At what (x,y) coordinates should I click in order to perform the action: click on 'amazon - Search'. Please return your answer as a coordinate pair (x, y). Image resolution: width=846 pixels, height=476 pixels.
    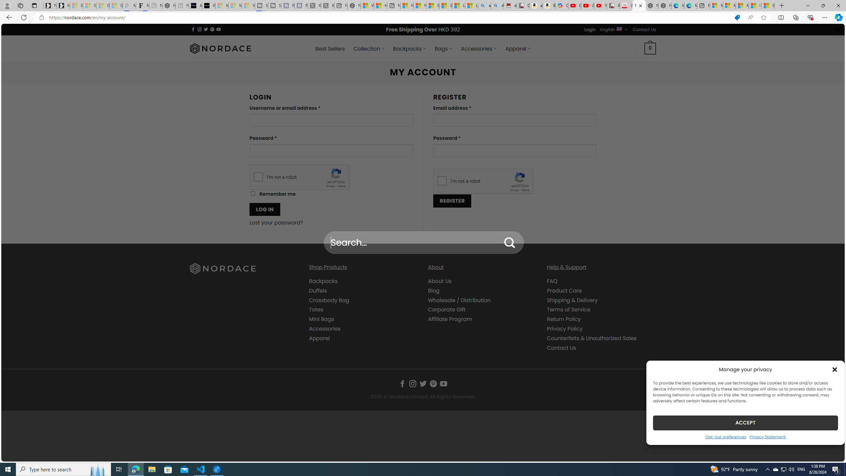
    Looking at the image, I should click on (484, 5).